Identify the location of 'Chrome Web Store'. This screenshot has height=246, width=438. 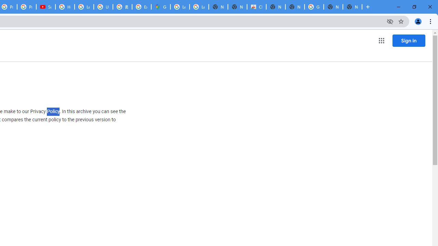
(256, 7).